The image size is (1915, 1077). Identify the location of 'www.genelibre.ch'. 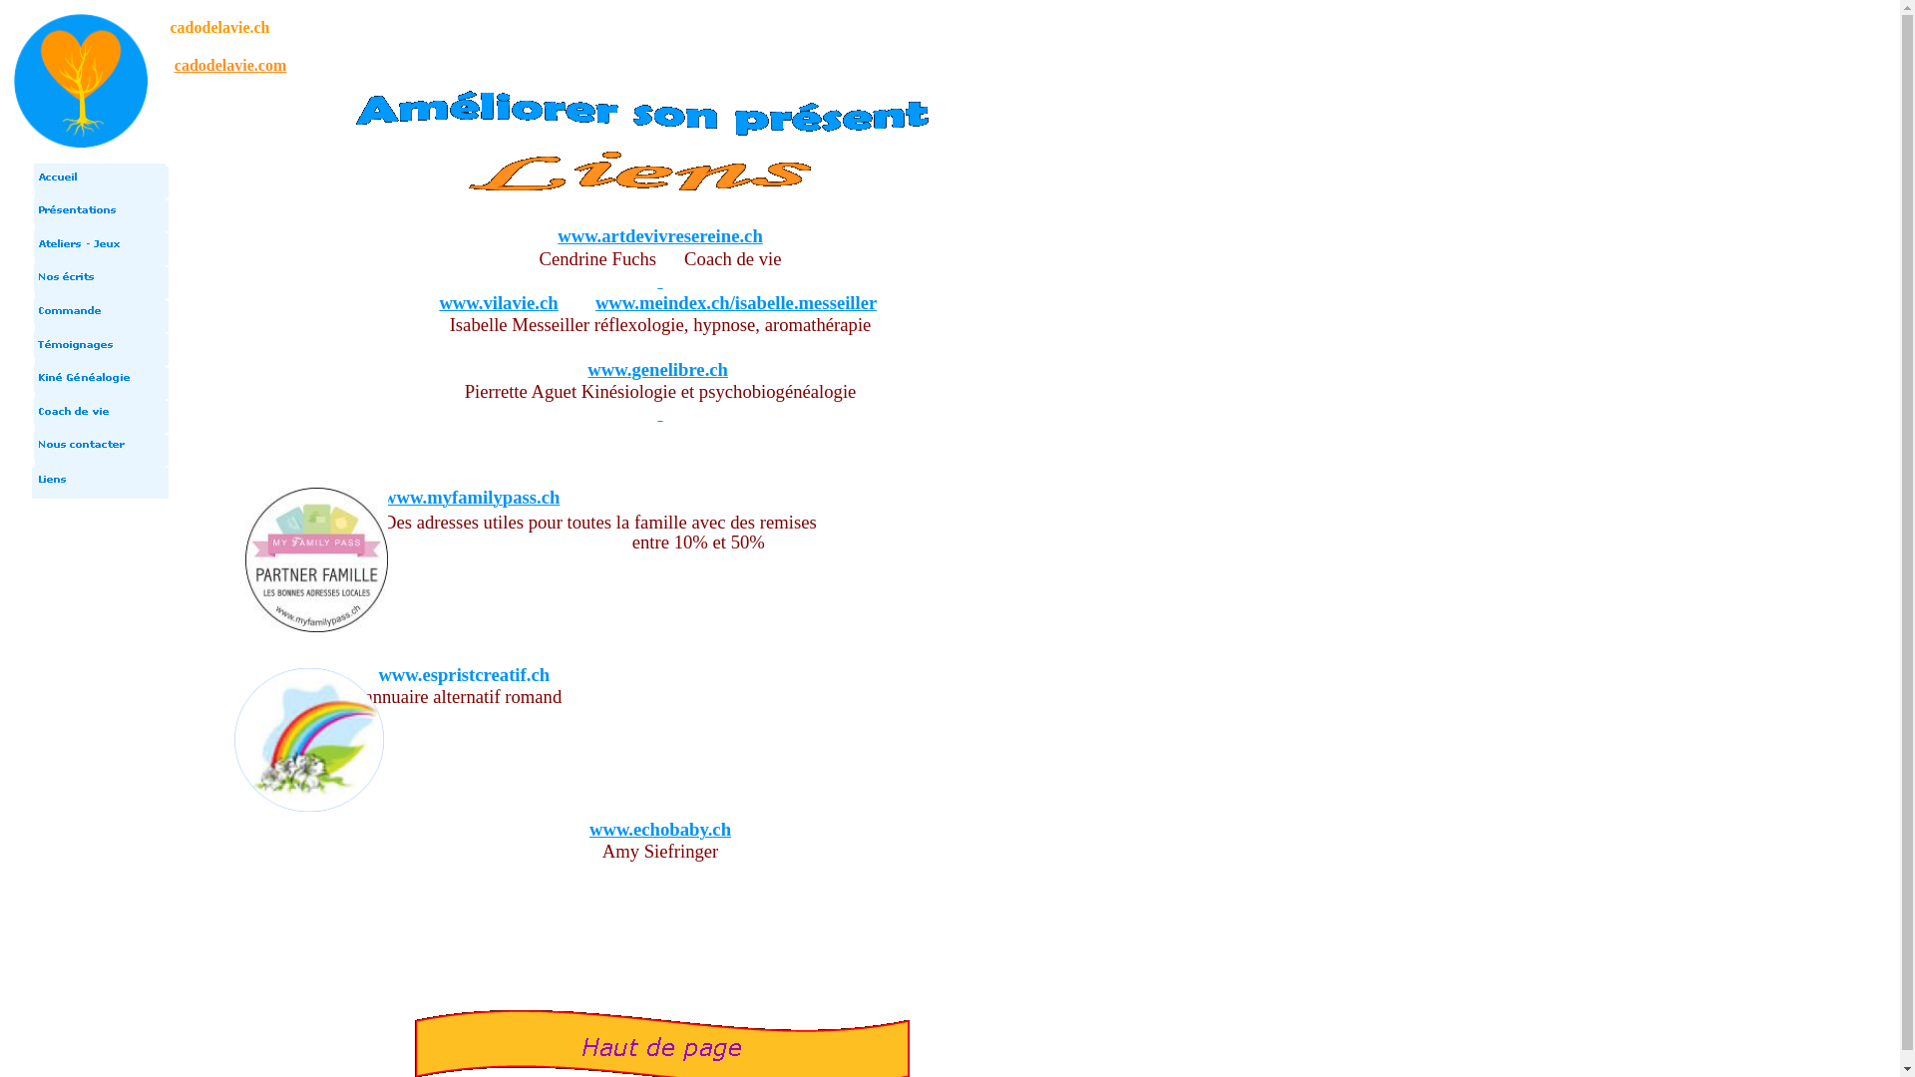
(657, 371).